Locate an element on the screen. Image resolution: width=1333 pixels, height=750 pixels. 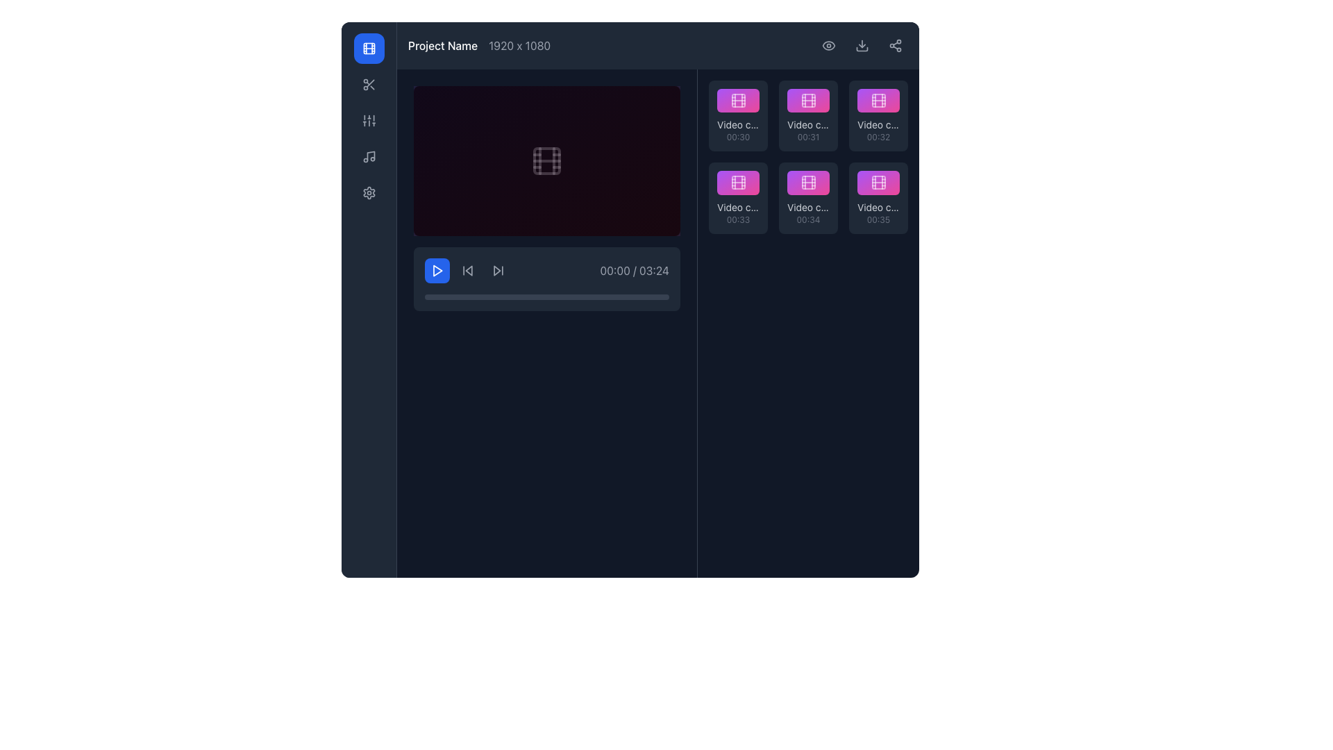
the middle icon button featuring a downward-pointing arrow within a circular boundary to initiate the download is located at coordinates (862, 44).